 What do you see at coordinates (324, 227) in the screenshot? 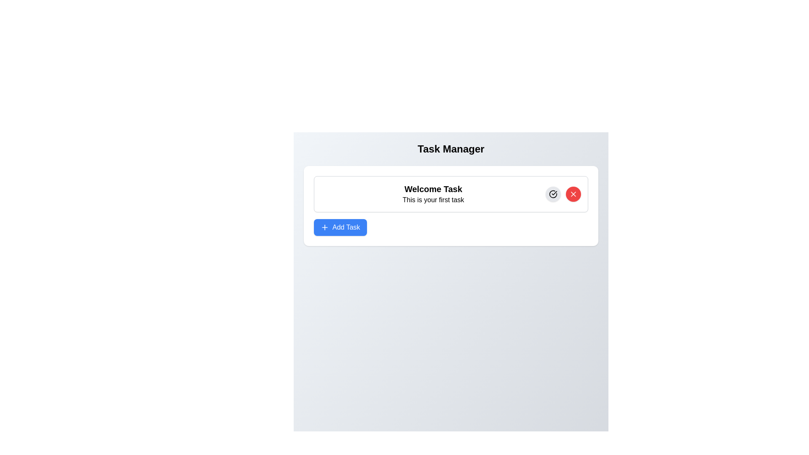
I see `the plus icon located within the 'Add Task' button at the bottom-left of the task list section` at bounding box center [324, 227].